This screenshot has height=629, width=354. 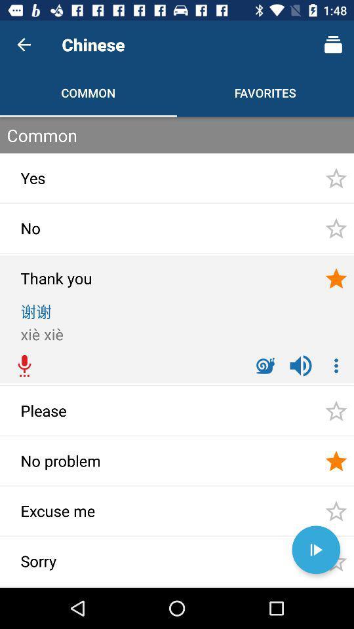 I want to click on the av_forward icon, so click(x=315, y=550).